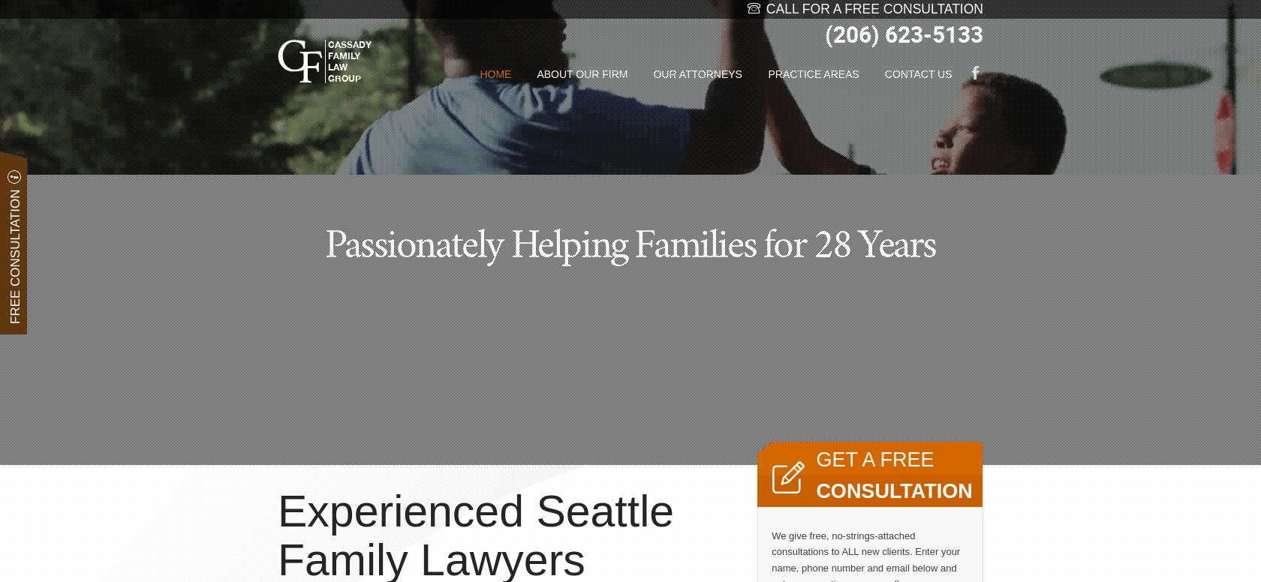 The image size is (1261, 582). I want to click on 'Our Attorneys', so click(697, 74).